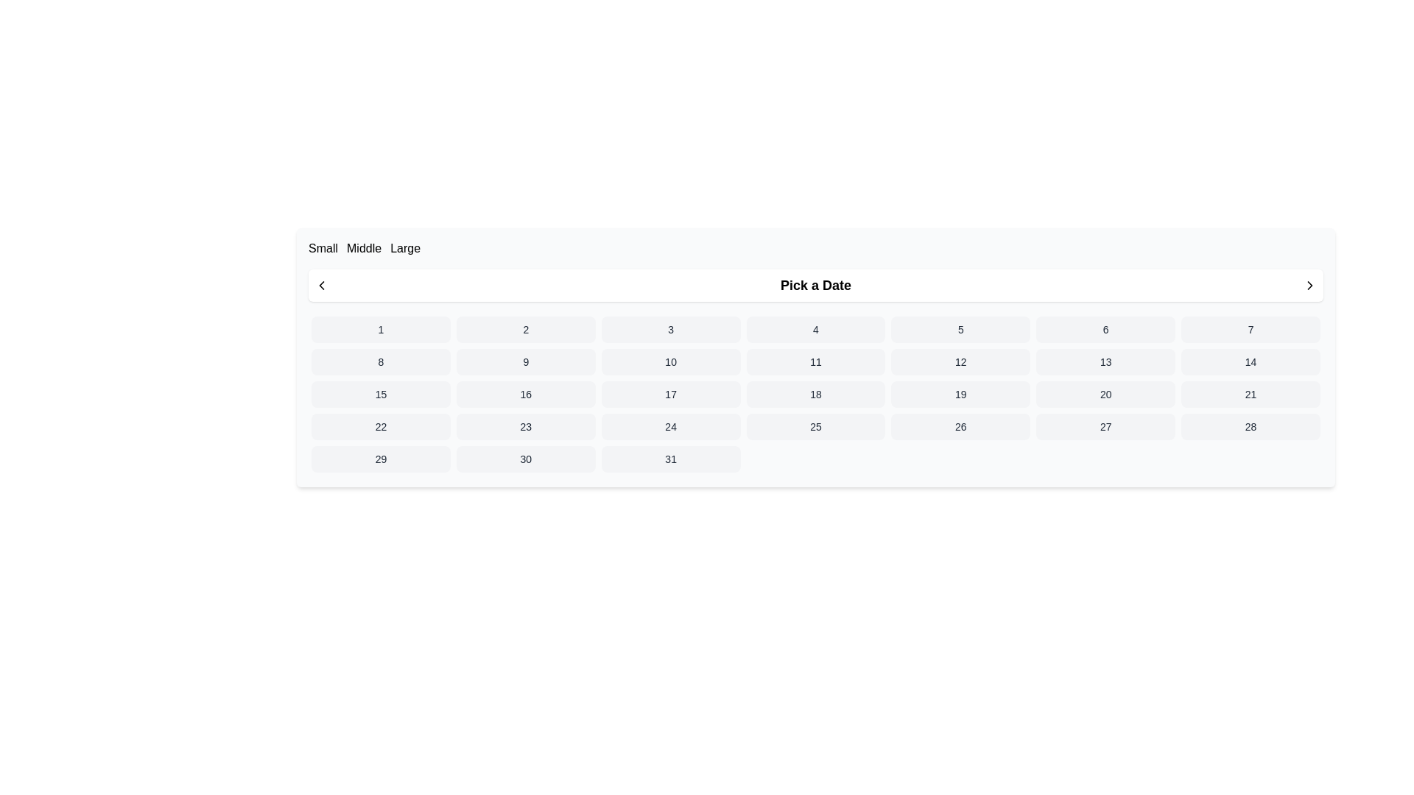 The width and height of the screenshot is (1414, 795). What do you see at coordinates (381, 362) in the screenshot?
I see `the button displaying the number '8', which is a rectangular button with rounded corners, light gray background, and dark gray text` at bounding box center [381, 362].